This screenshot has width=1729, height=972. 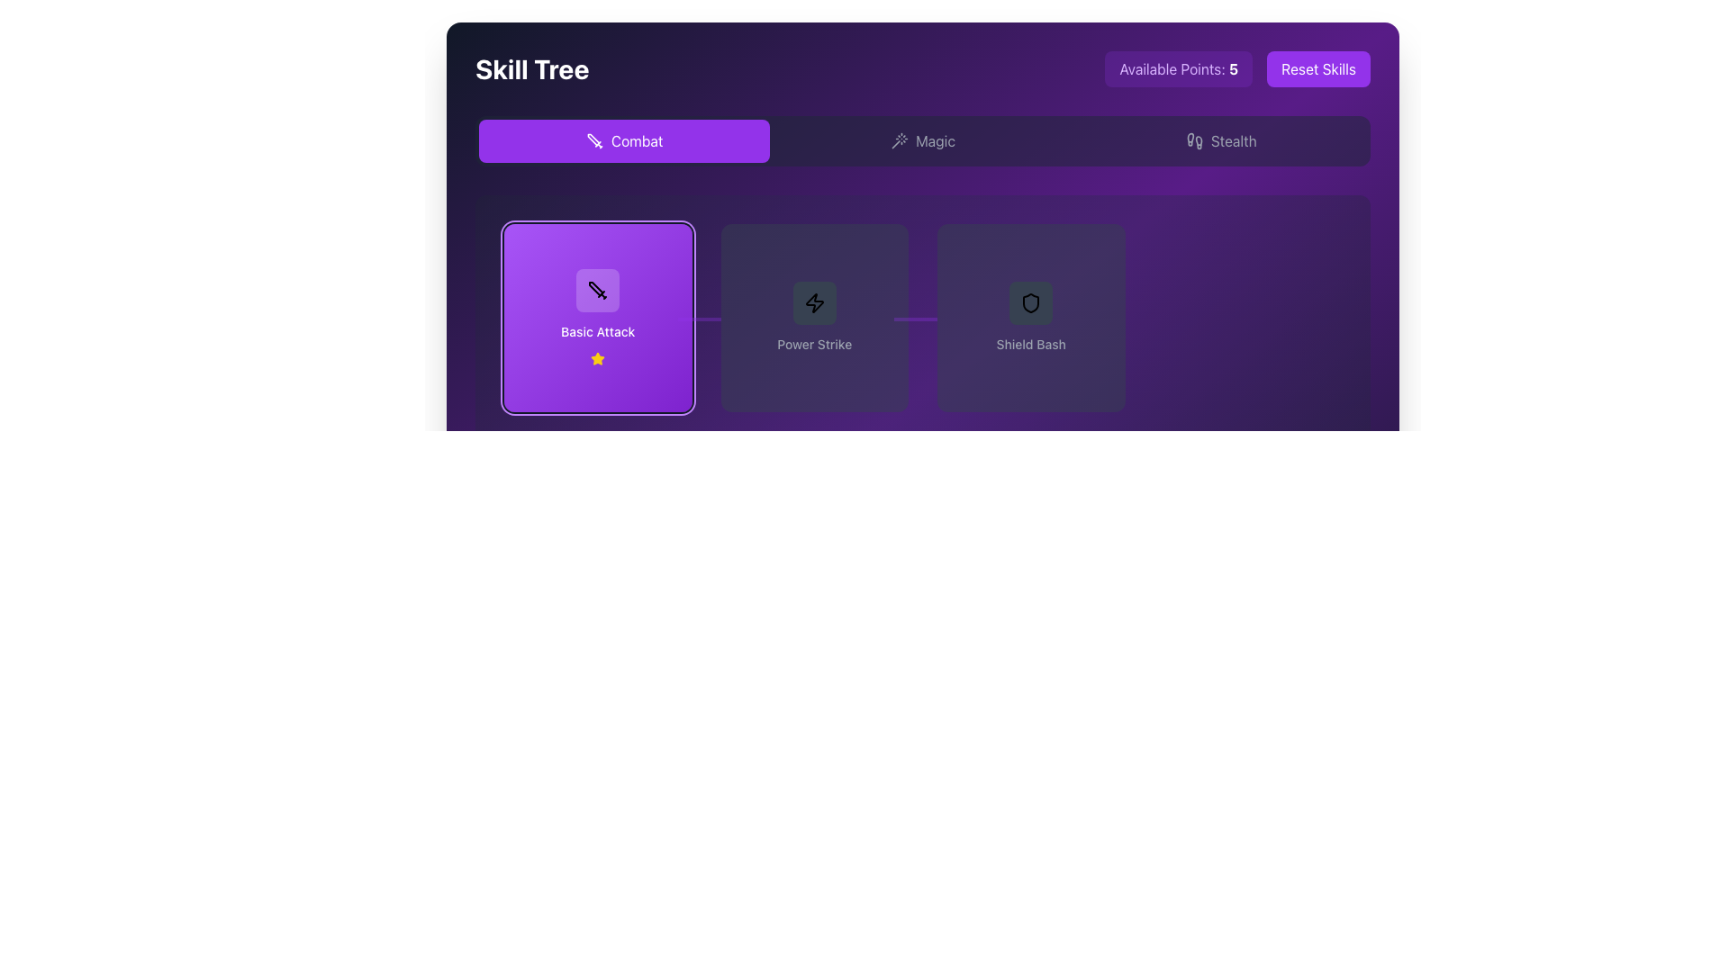 What do you see at coordinates (813, 345) in the screenshot?
I see `the text label reading 'Power Strike', which is styled in a small, medium-weight gray font and is prominently displayed within a dark-themed skill tree interface` at bounding box center [813, 345].